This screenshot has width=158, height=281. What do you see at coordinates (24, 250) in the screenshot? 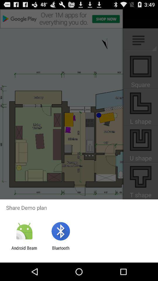
I see `android beam` at bounding box center [24, 250].